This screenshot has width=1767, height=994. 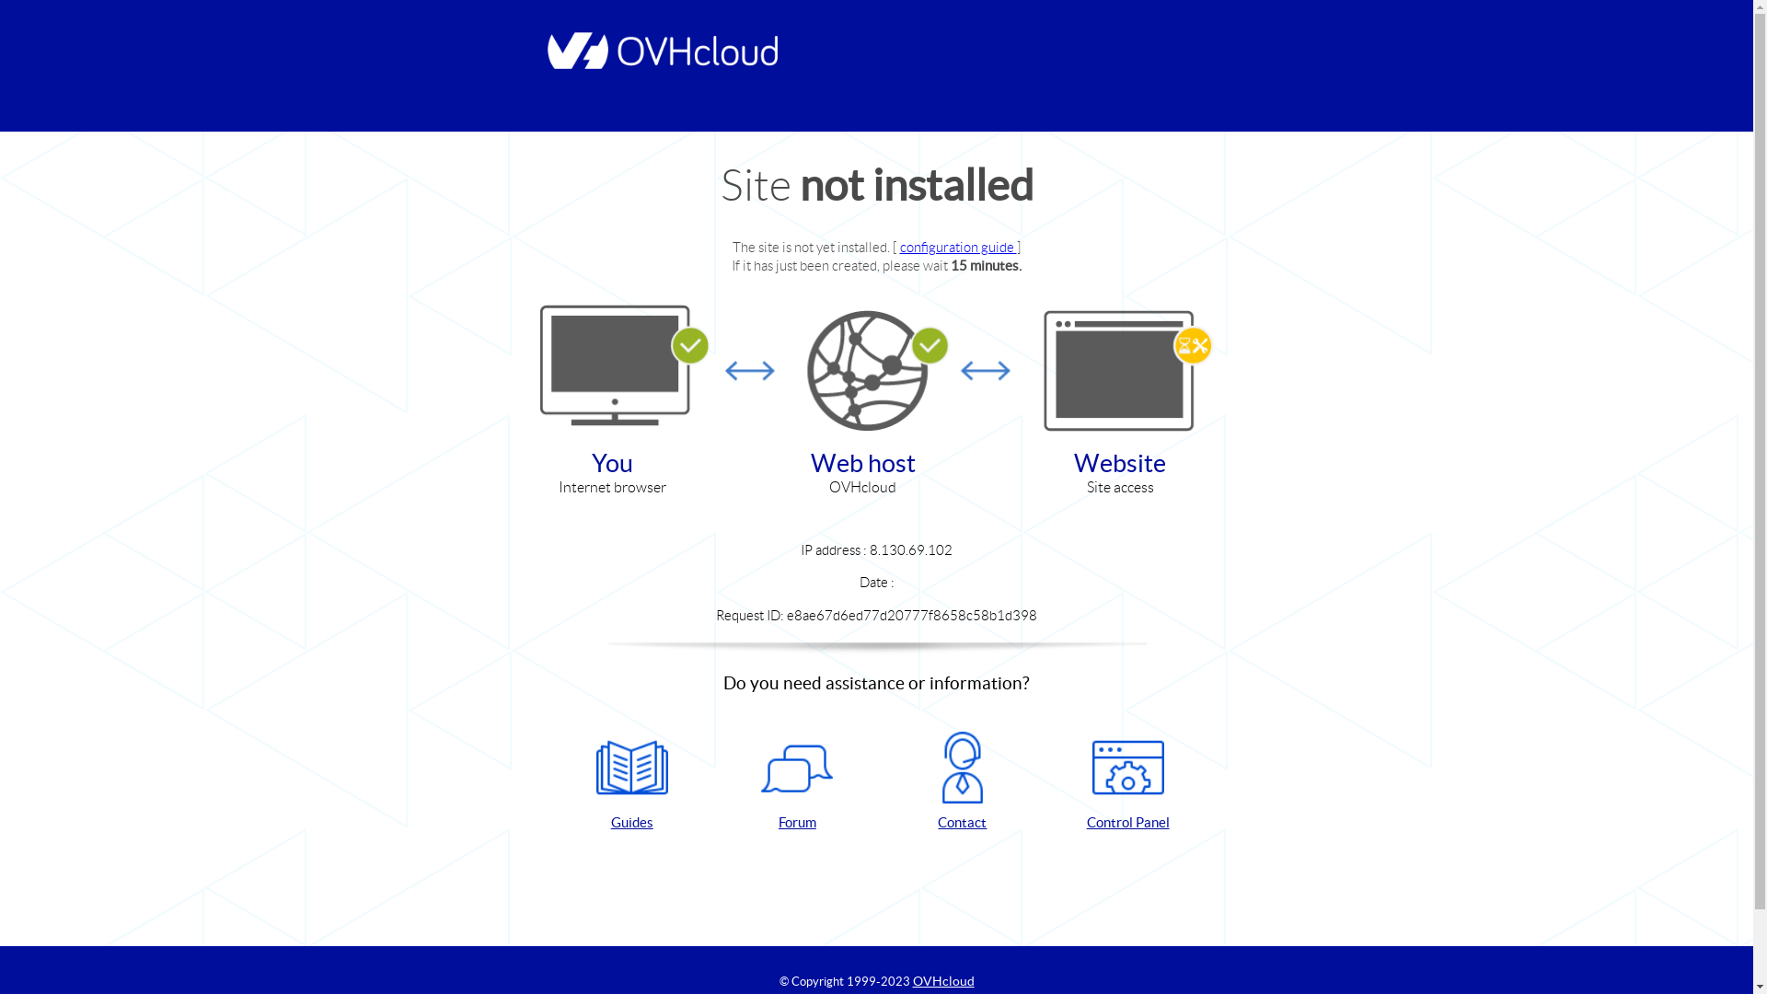 I want to click on 'configuration guide', so click(x=957, y=246).